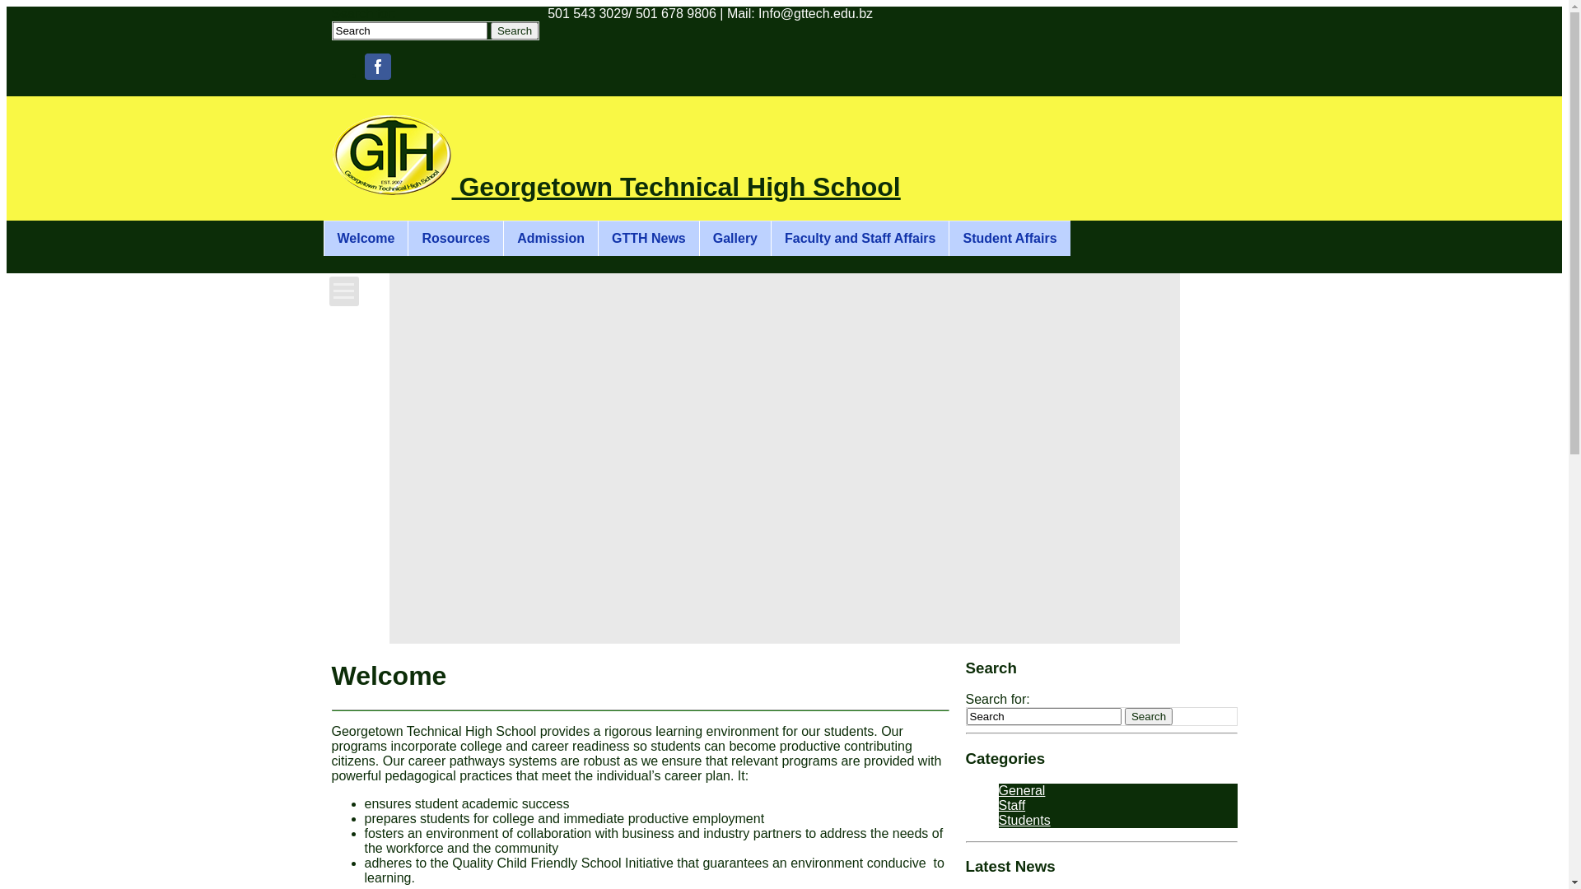 This screenshot has height=889, width=1581. What do you see at coordinates (770, 238) in the screenshot?
I see `'Faculty and Staff Affairs'` at bounding box center [770, 238].